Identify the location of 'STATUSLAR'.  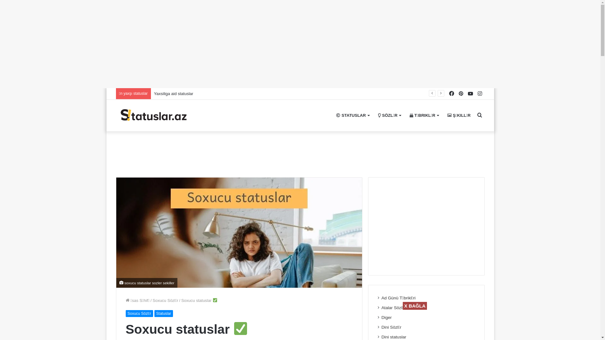
(352, 115).